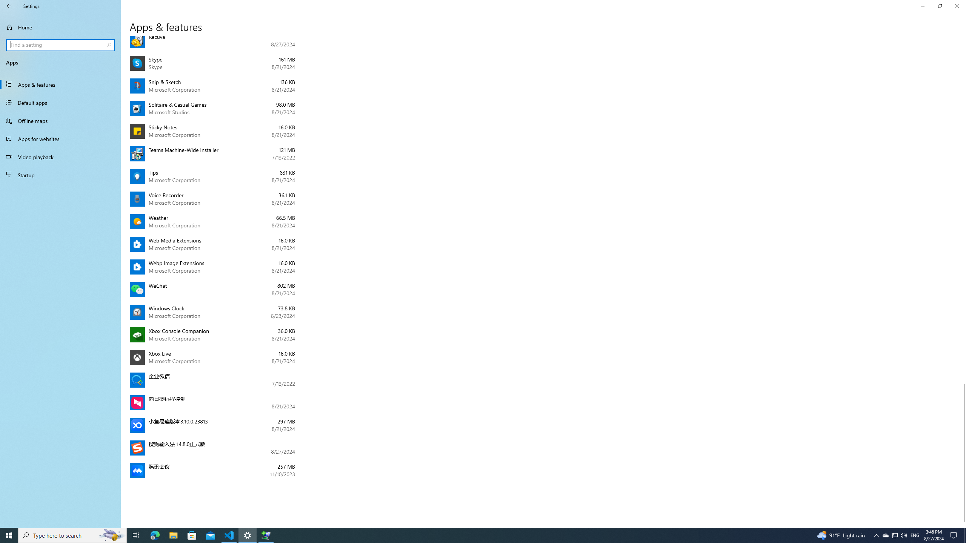 The image size is (966, 543). I want to click on 'Action Center, No new notifications', so click(955, 535).